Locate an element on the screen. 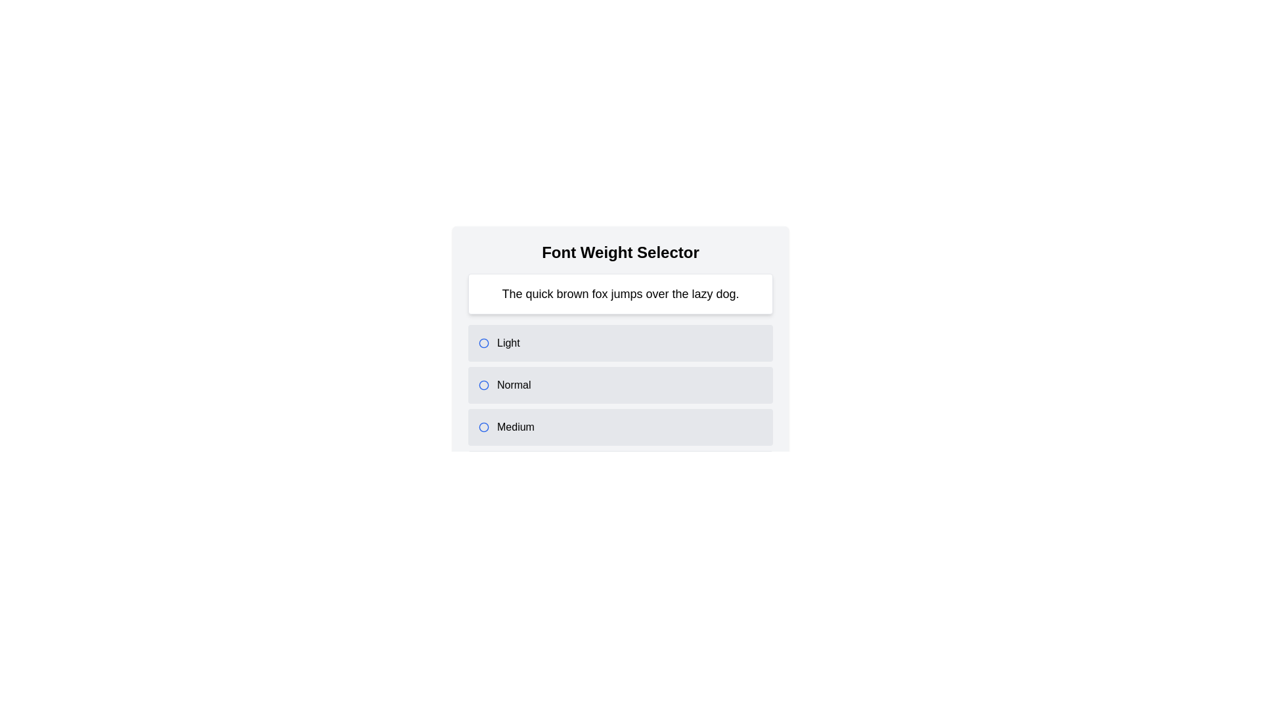 Image resolution: width=1261 pixels, height=709 pixels. the first selectable list item for the 'Light' font weight option, which is a radio button in a vertical list is located at coordinates (620, 343).